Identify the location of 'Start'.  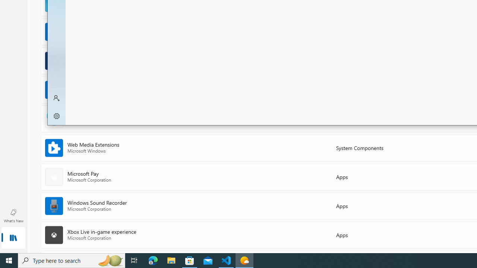
(9, 260).